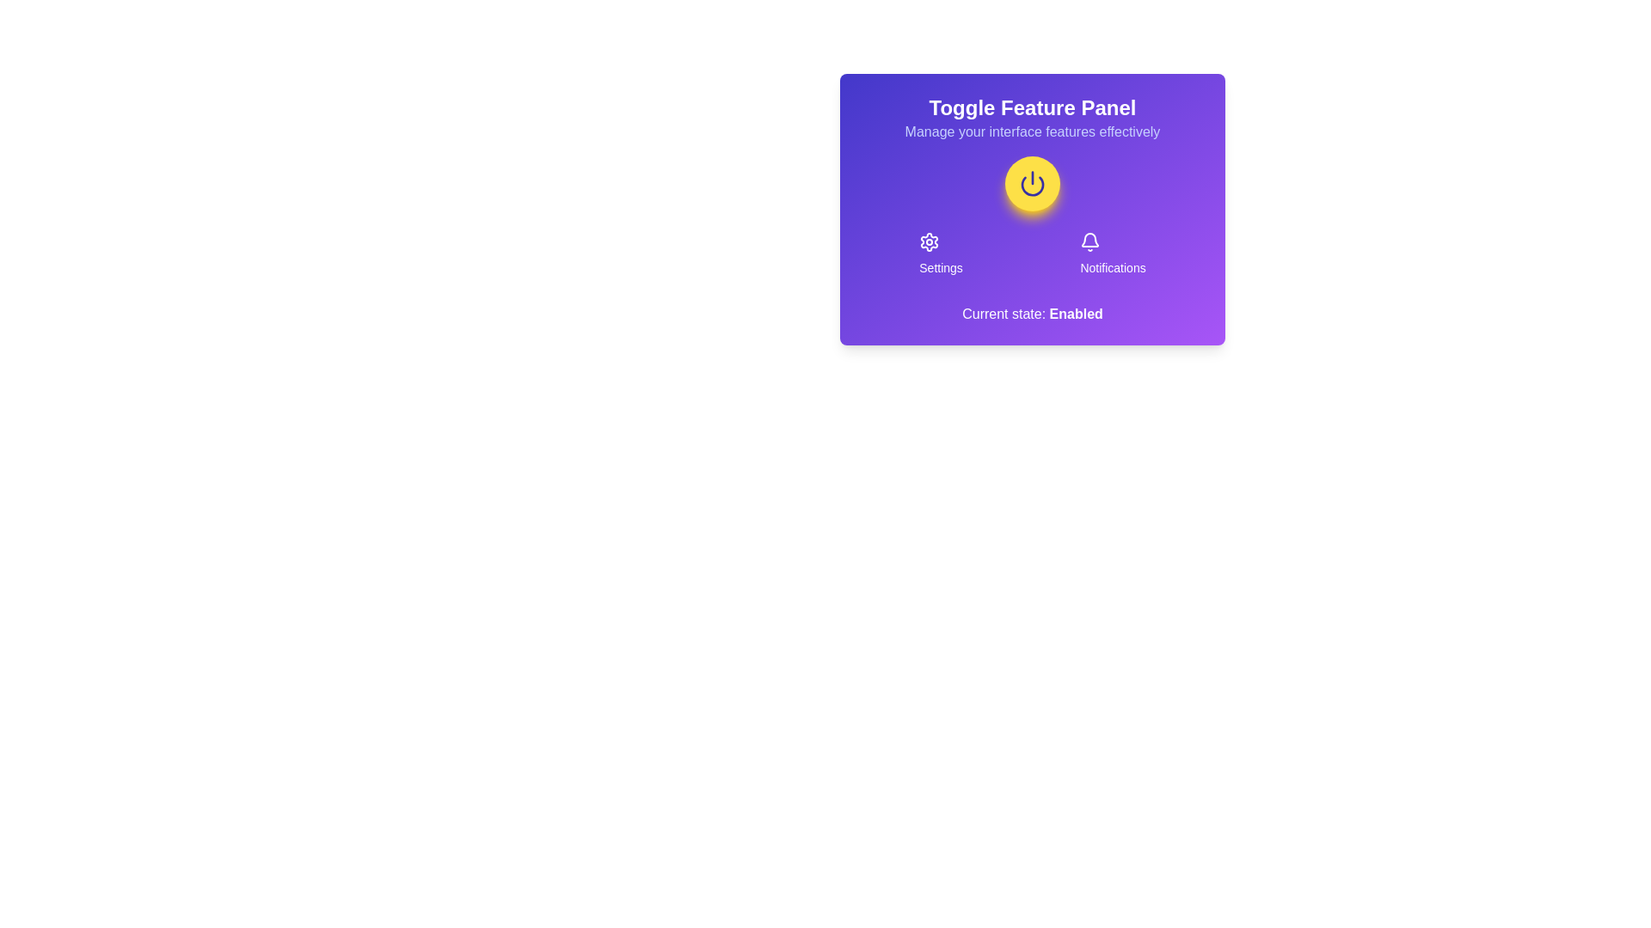 This screenshot has height=928, width=1651. I want to click on the gear icon with a white outline located above the 'Settings' label, so click(929, 241).